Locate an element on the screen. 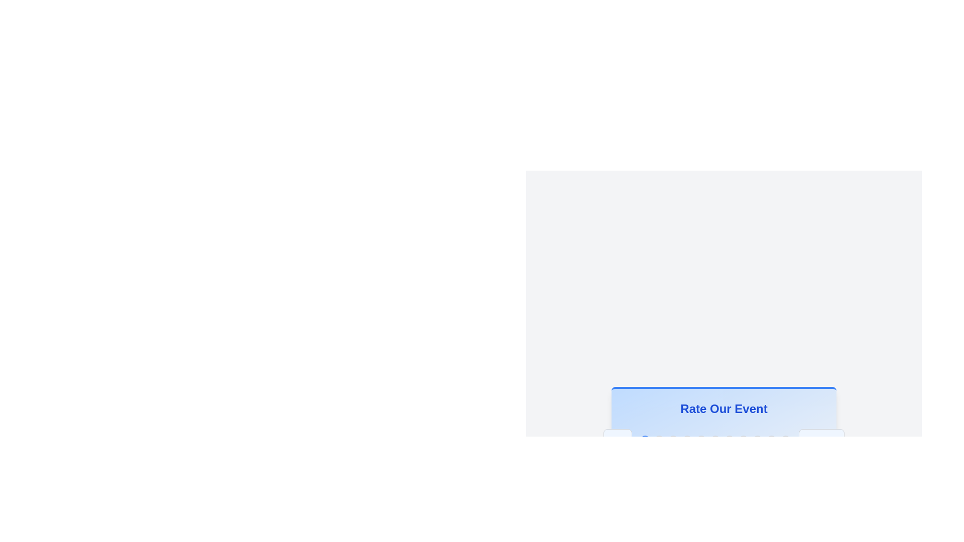 This screenshot has height=542, width=964. the second circular Number button in the row below the 'Rate Our Event' blue box is located at coordinates (659, 440).